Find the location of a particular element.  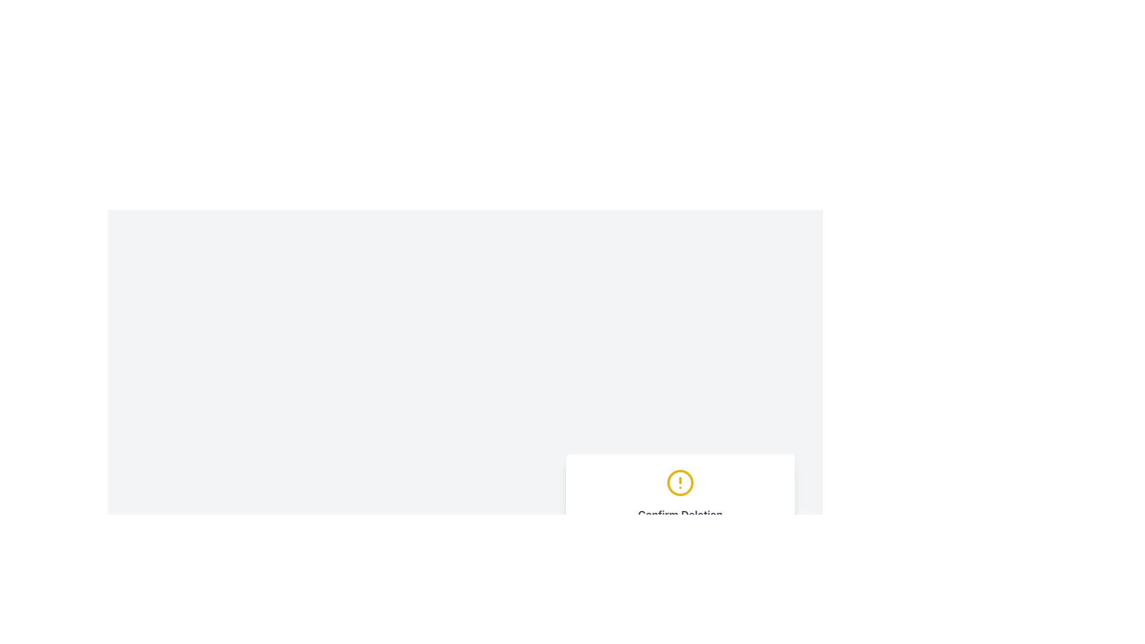

the Text Display element that serves as the header in the deletion confirmation dialog, positioned below the yellow warning icon is located at coordinates (680, 515).